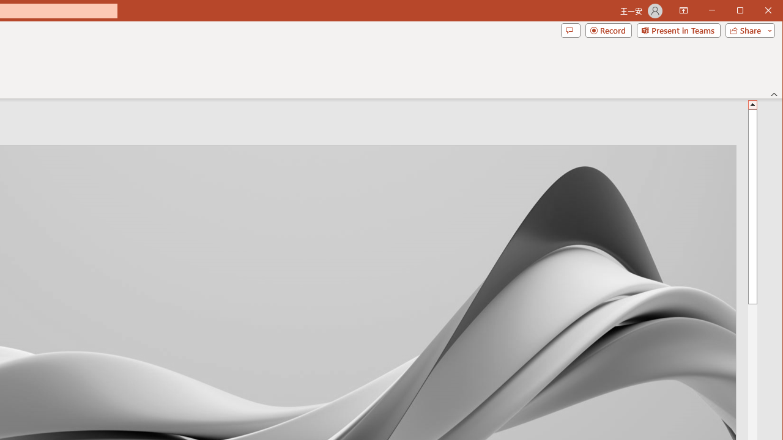  Describe the element at coordinates (752, 103) in the screenshot. I see `'Line up'` at that location.